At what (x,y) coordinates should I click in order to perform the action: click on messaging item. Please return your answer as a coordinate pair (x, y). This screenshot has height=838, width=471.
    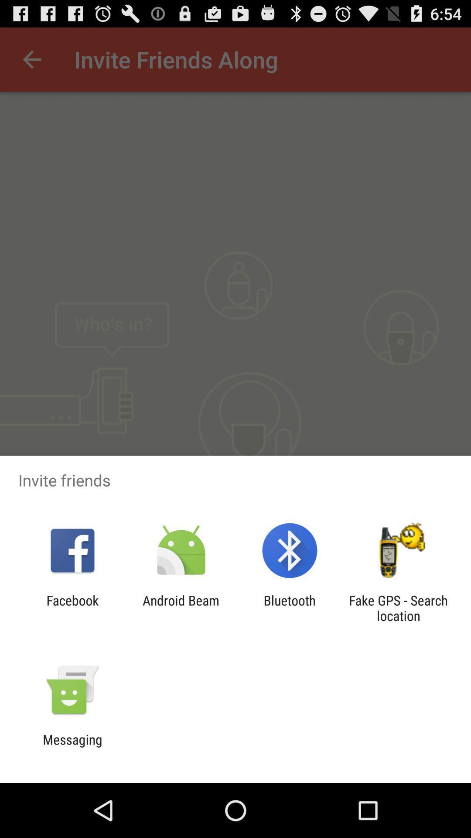
    Looking at the image, I should click on (72, 747).